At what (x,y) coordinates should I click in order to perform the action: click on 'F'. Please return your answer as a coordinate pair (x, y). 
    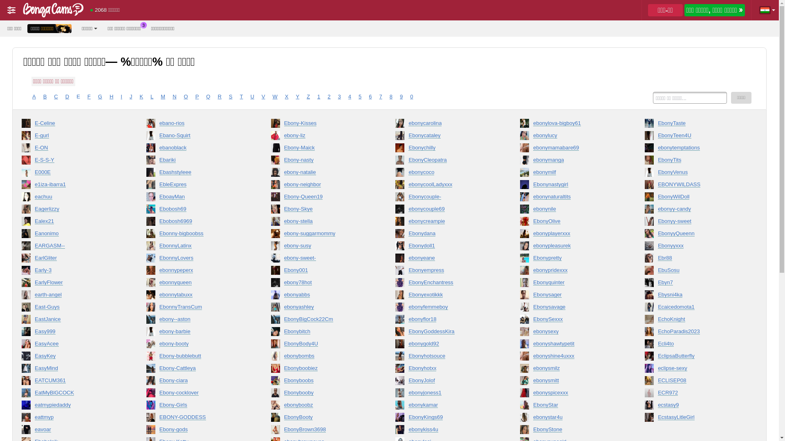
    Looking at the image, I should click on (89, 96).